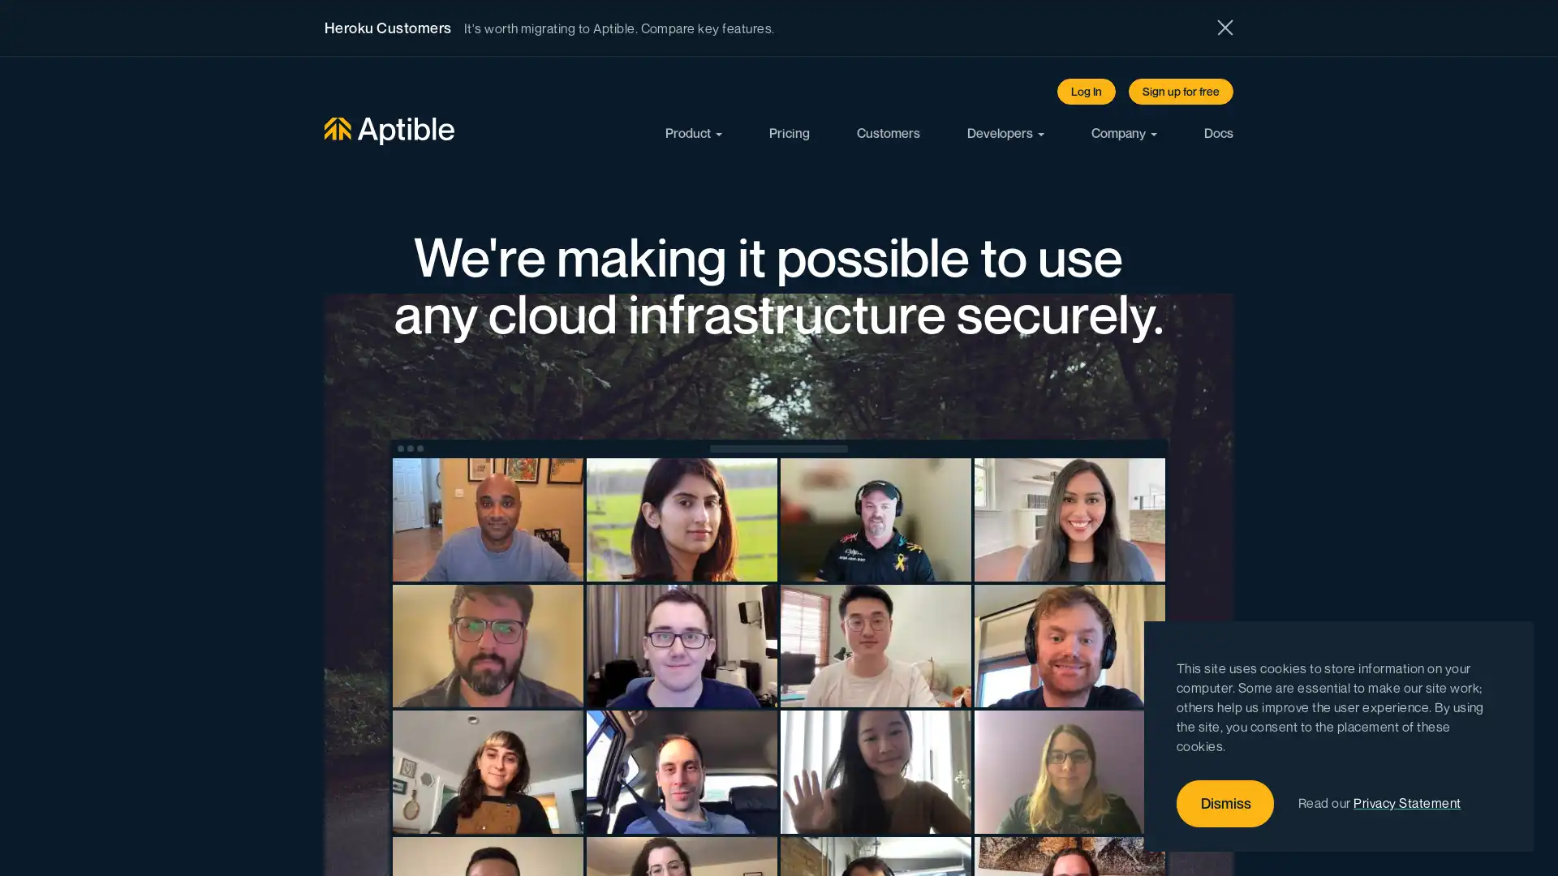 Image resolution: width=1558 pixels, height=876 pixels. Describe the element at coordinates (1181, 91) in the screenshot. I see `Sign up for free` at that location.